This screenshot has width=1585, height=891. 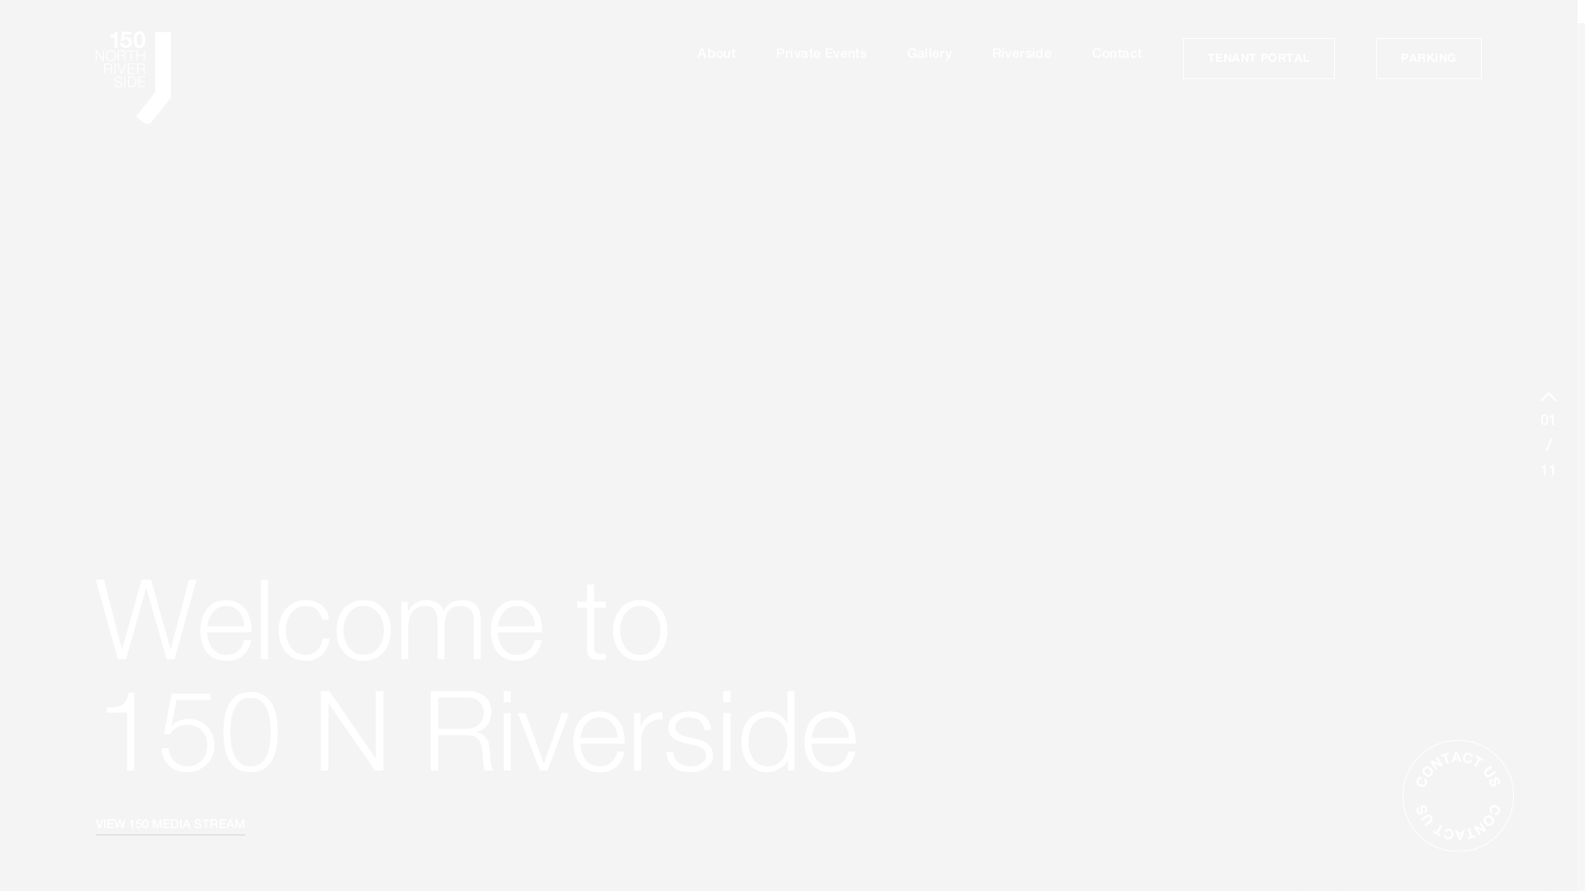 What do you see at coordinates (717, 53) in the screenshot?
I see `'About'` at bounding box center [717, 53].